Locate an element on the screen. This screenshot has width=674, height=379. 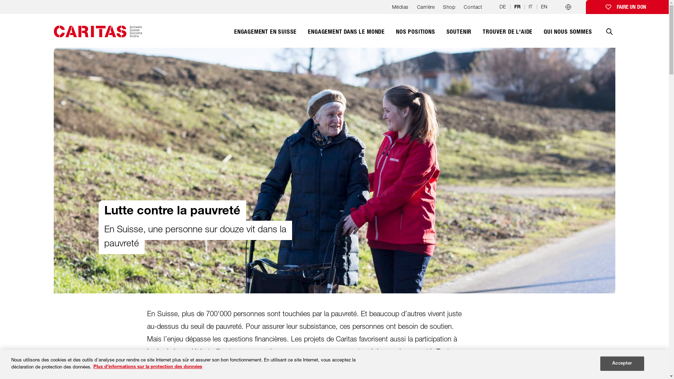
'EN' is located at coordinates (544, 7).